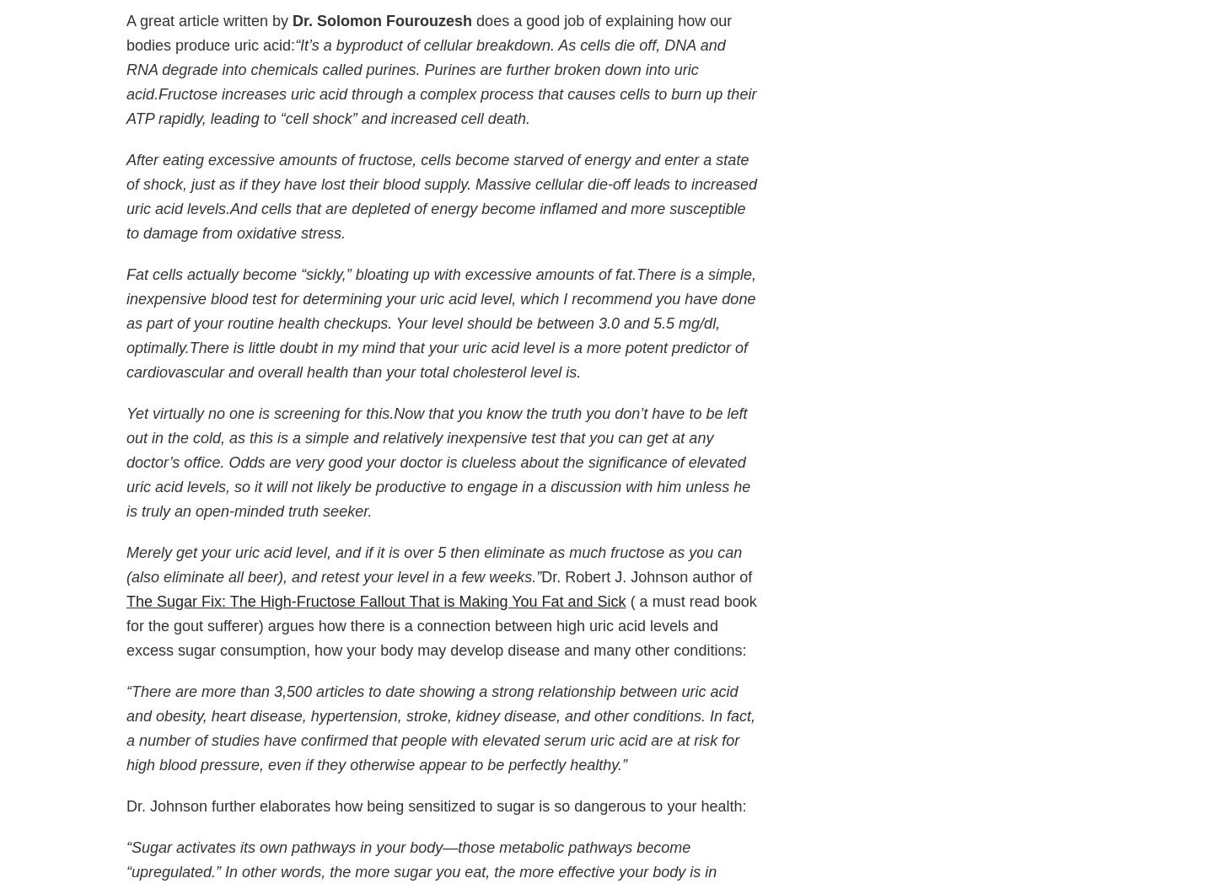 This screenshot has width=1214, height=889. What do you see at coordinates (425, 69) in the screenshot?
I see `'“It’s a byproduct of cellular breakdown. As cells die off, DNA and RNA degrade into chemicals called purines. Purines are further broken down into uric acid.'` at bounding box center [425, 69].